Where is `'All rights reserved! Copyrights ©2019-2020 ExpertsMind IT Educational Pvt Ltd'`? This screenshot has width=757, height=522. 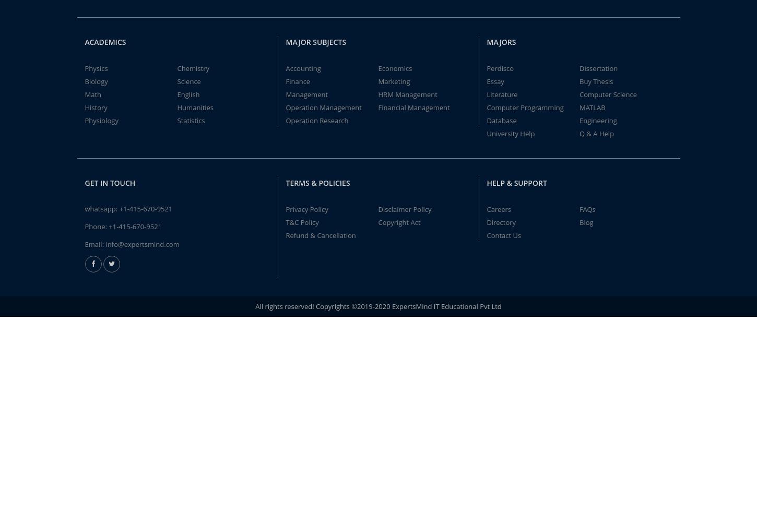 'All rights reserved! Copyrights ©2019-2020 ExpertsMind IT Educational Pvt Ltd' is located at coordinates (377, 305).